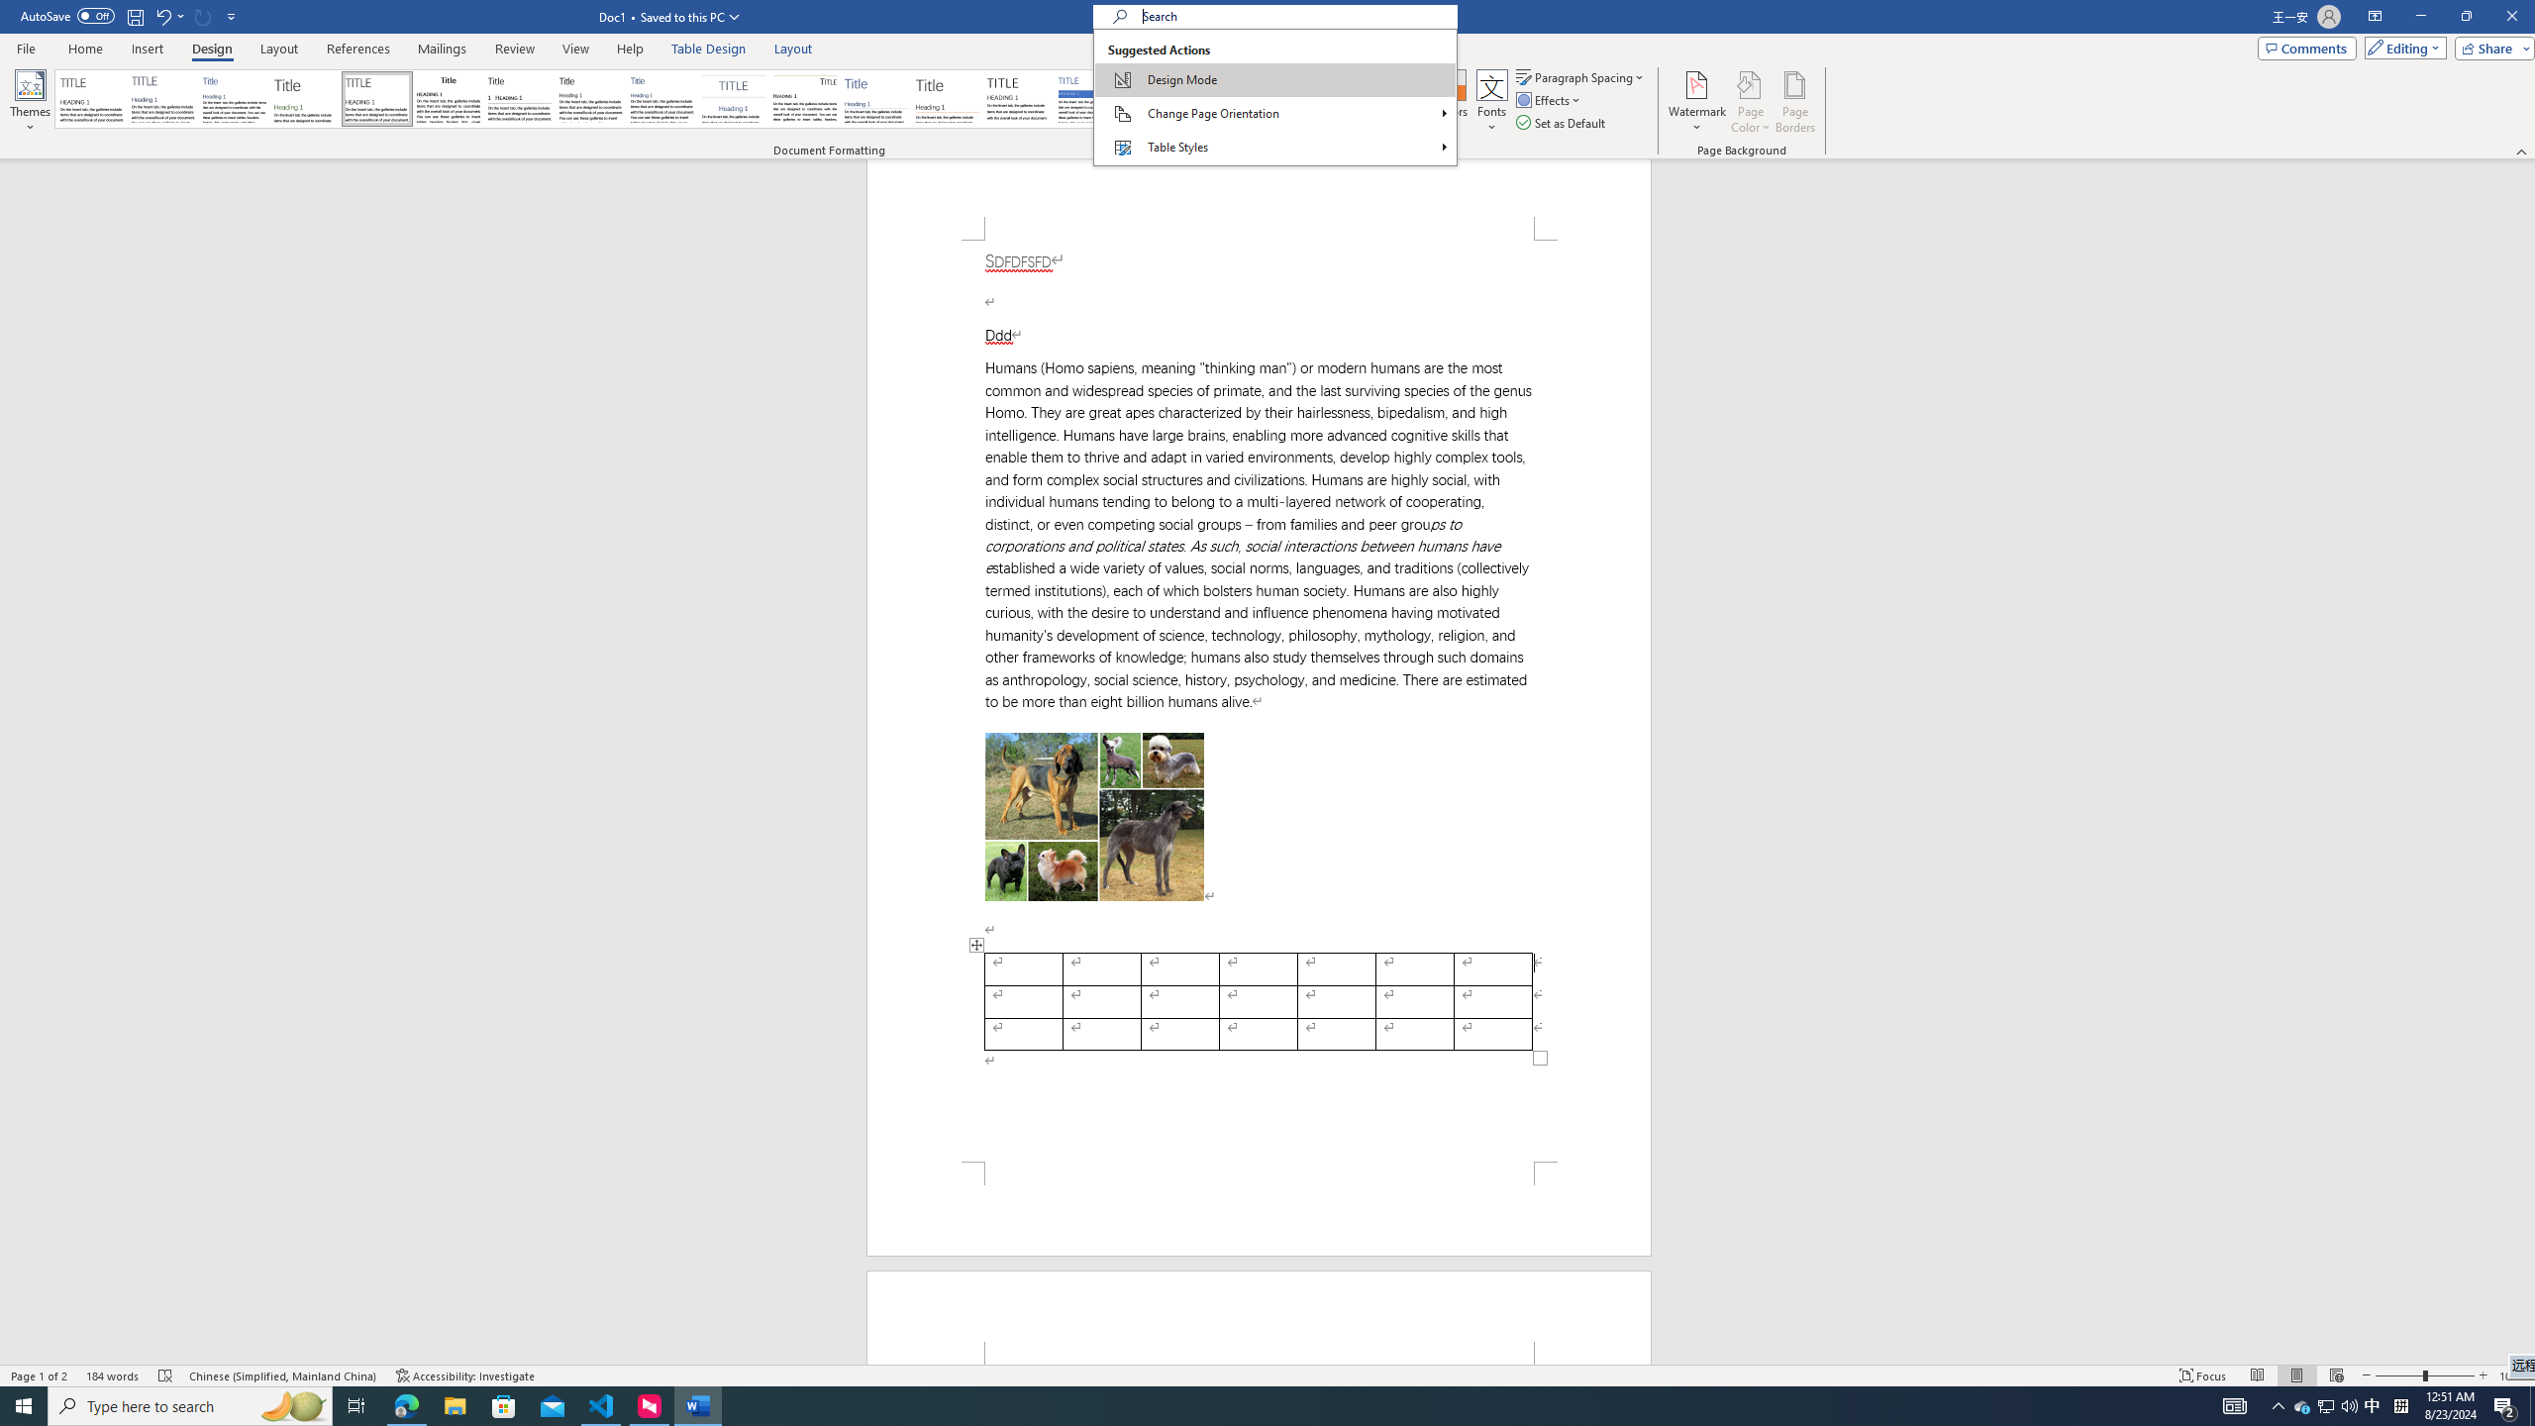 The image size is (2535, 1426). Describe the element at coordinates (1418, 117) in the screenshot. I see `'Style Set'` at that location.